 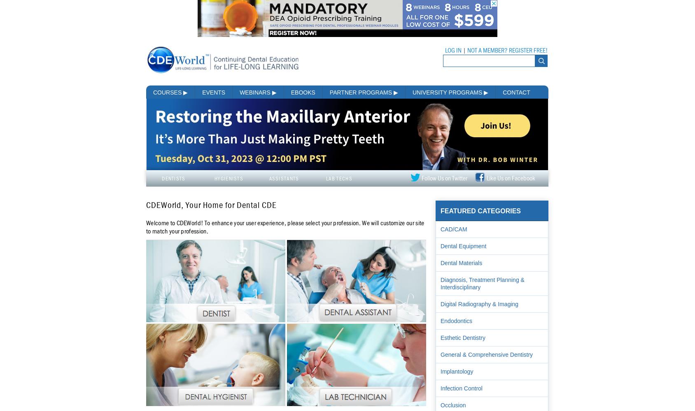 What do you see at coordinates (444, 178) in the screenshot?
I see `'Follow Us on Twitter'` at bounding box center [444, 178].